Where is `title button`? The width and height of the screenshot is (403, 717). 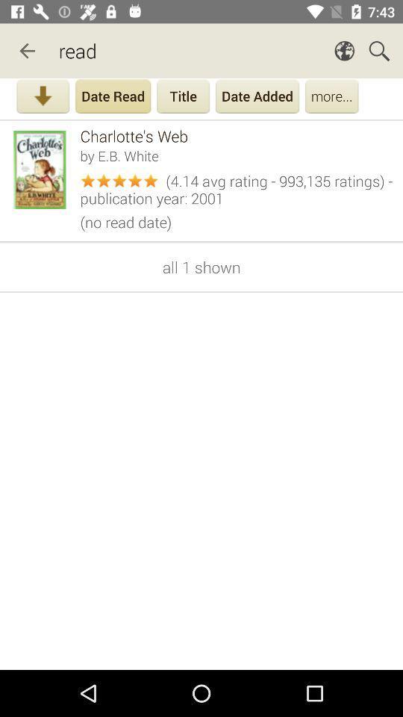
title button is located at coordinates (183, 97).